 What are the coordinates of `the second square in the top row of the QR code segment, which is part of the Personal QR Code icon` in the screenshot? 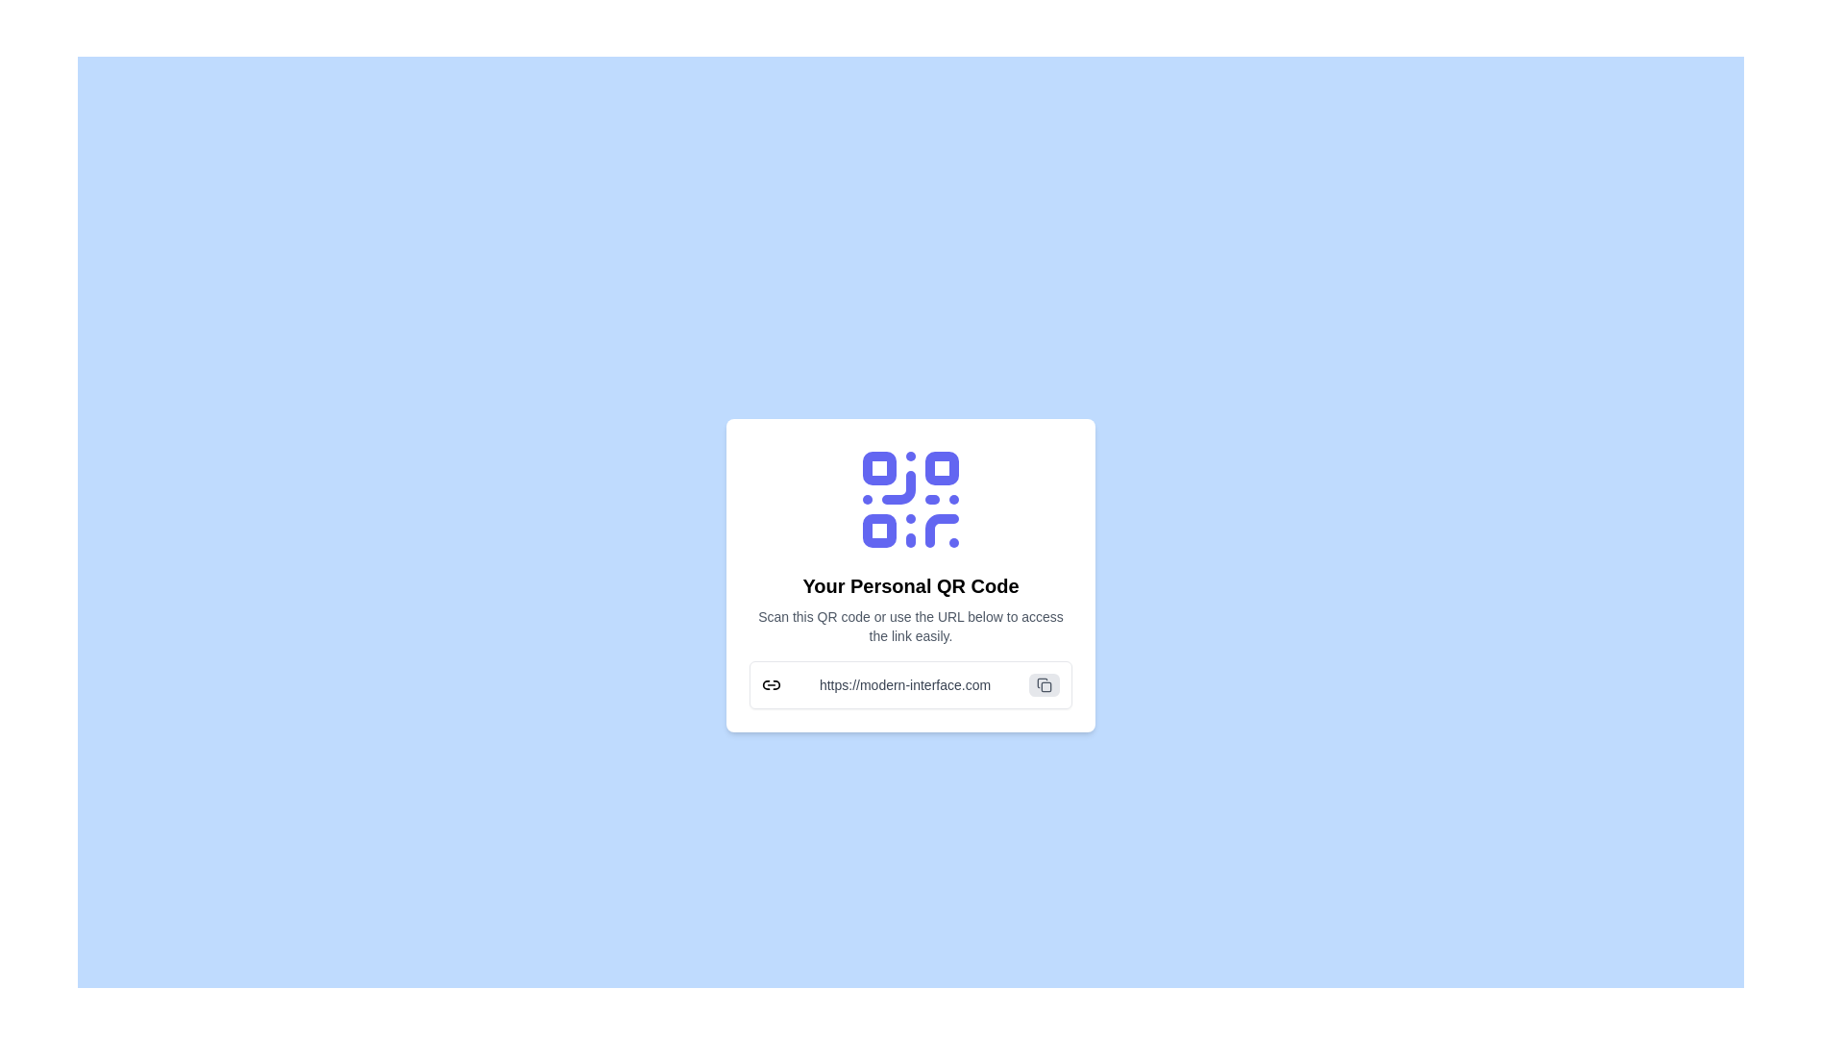 It's located at (942, 468).